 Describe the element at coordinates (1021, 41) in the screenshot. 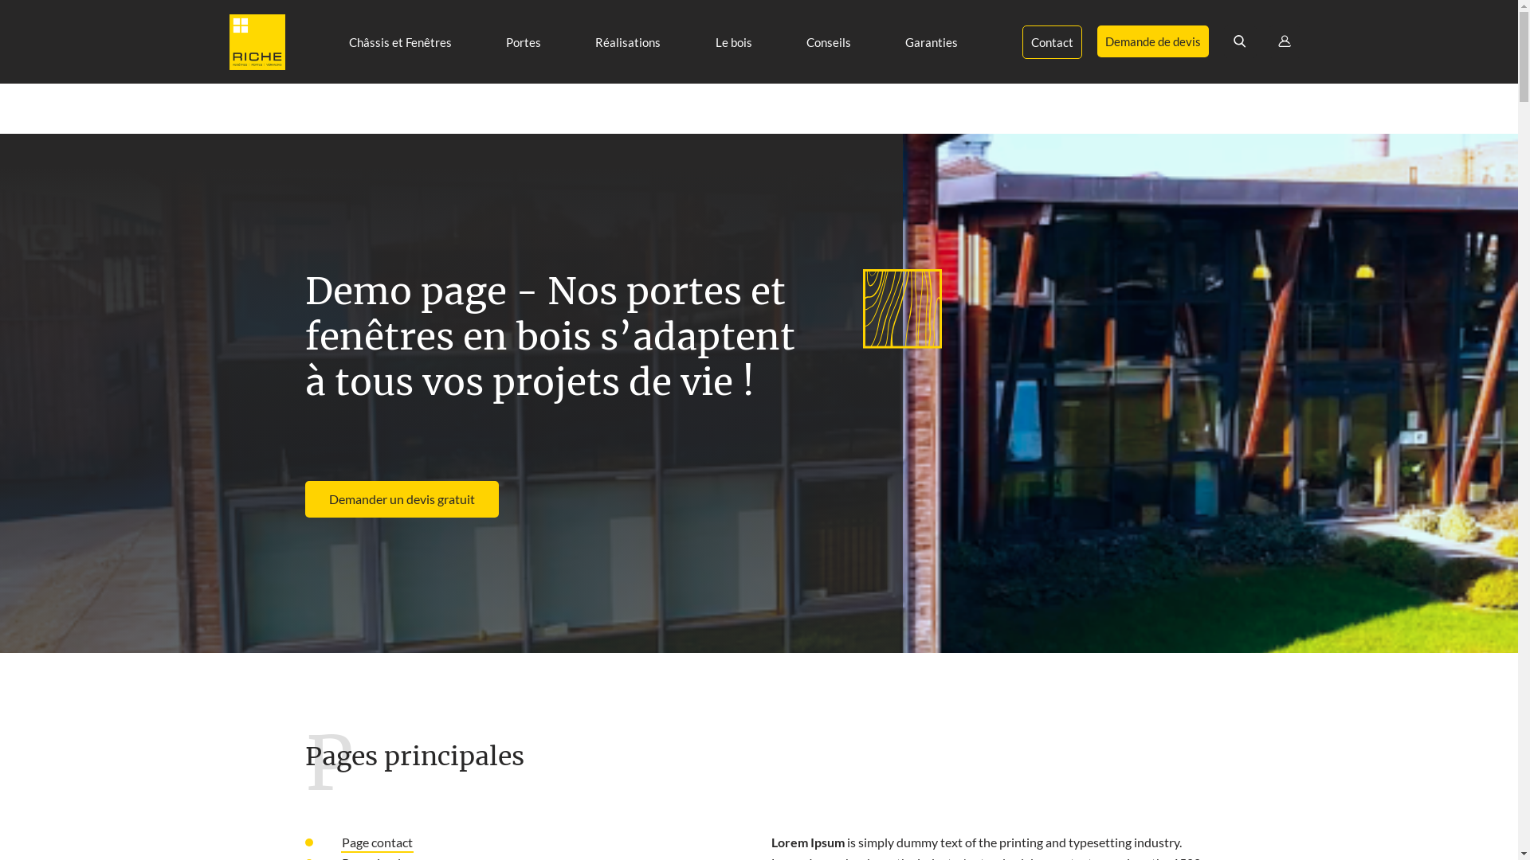

I see `'Contact'` at that location.